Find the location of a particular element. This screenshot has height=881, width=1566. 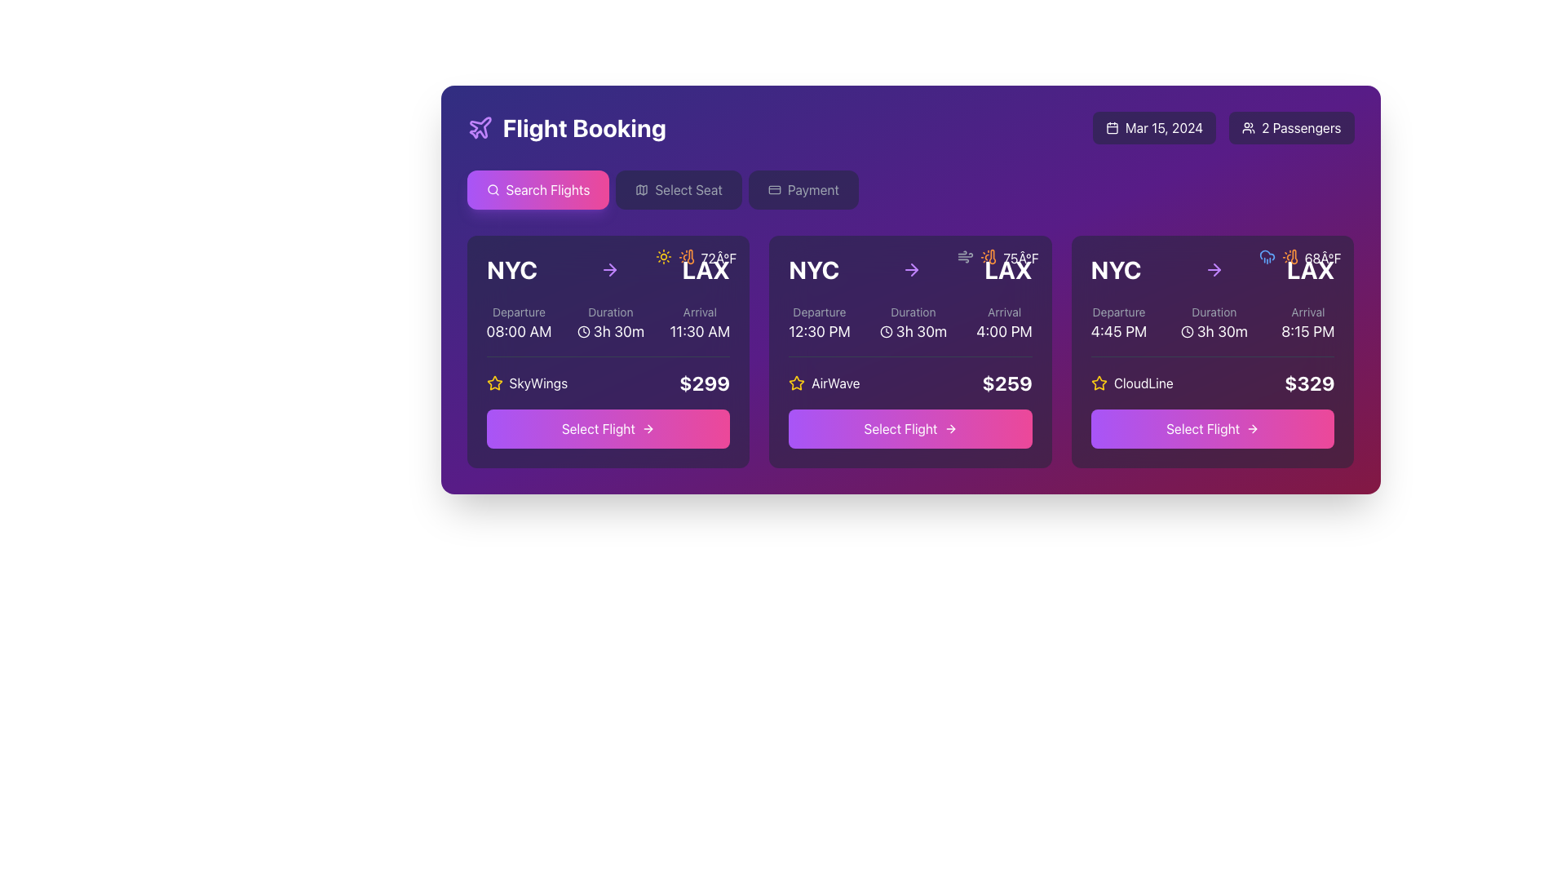

the static text element displaying '3h 30m' with the accompanying clock icon in the 'Duration' section of the first flight card is located at coordinates (609, 324).